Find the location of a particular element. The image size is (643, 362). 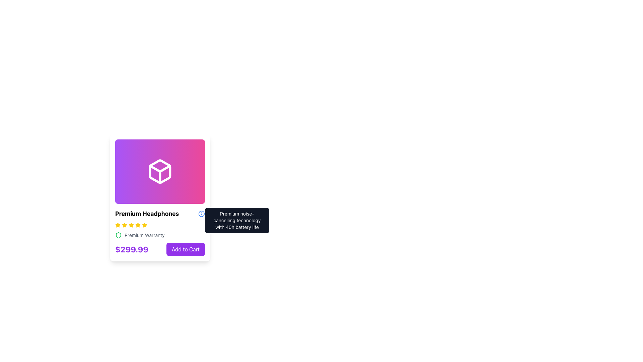

the informational icon located to the immediate right of the 'Premium Headphones' label is located at coordinates (201, 214).